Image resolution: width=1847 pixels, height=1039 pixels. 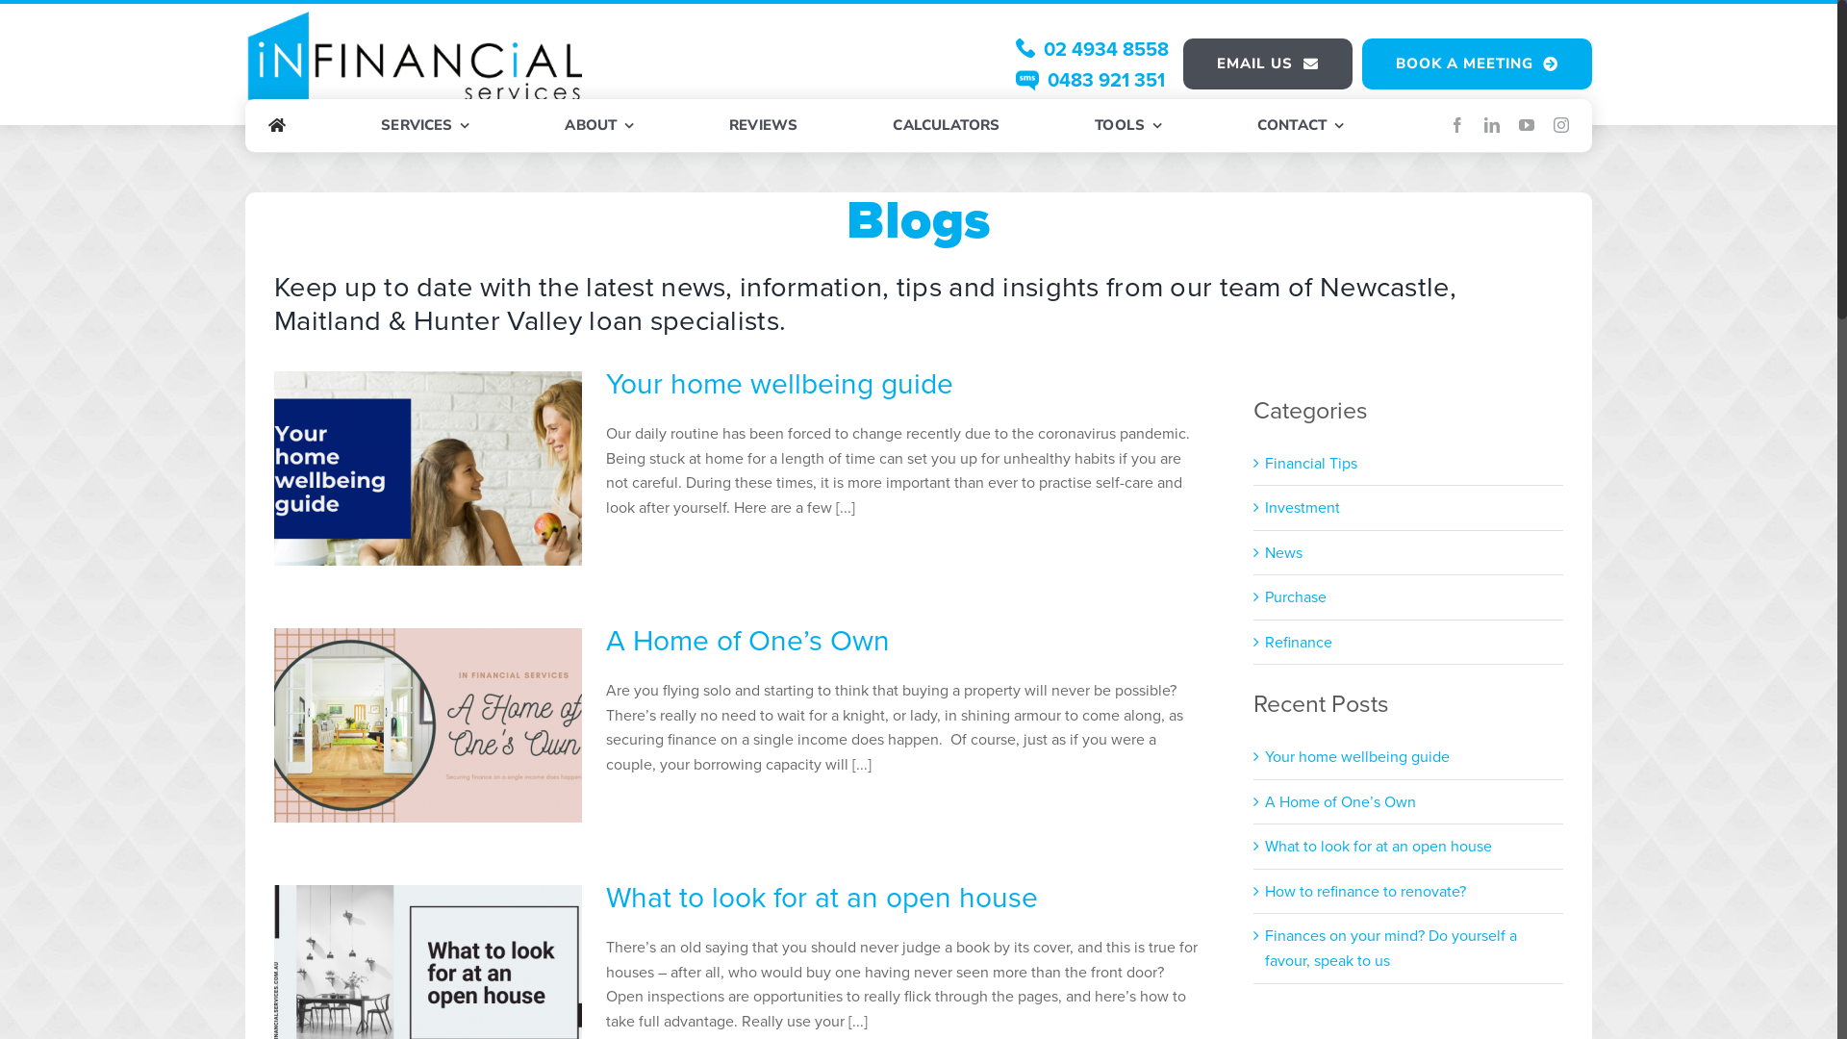 I want to click on '02 4934 8558', so click(x=1092, y=47).